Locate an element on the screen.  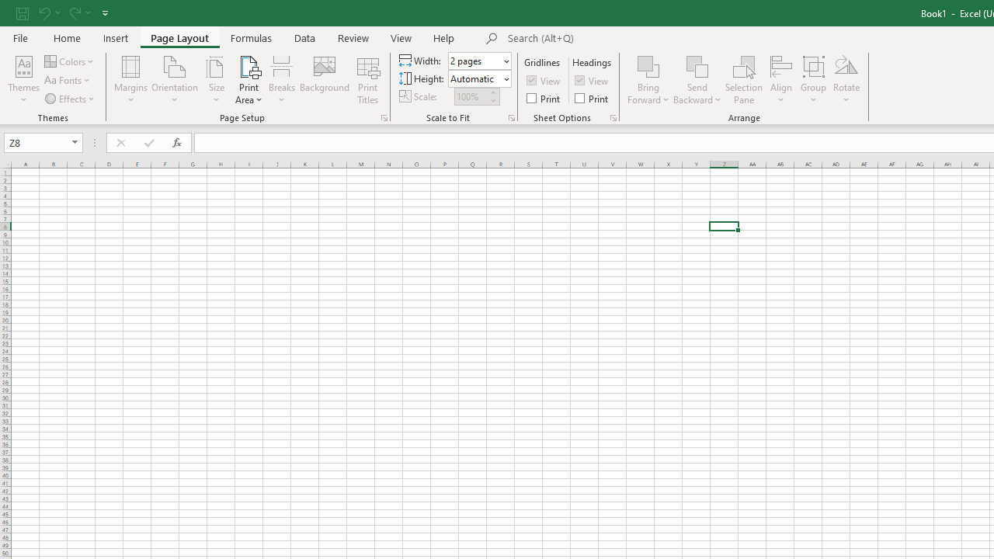
'Print' is located at coordinates (592, 98).